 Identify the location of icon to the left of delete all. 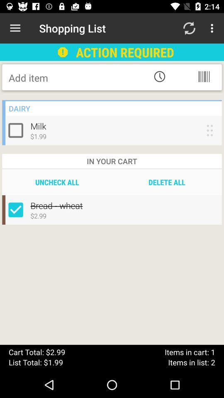
(56, 182).